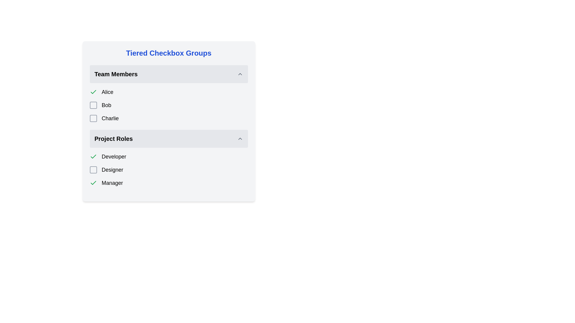  Describe the element at coordinates (93, 183) in the screenshot. I see `the status represented by the checkmark icon indicating the selection status of the 'Manager' role in the 'Project Roles' section` at that location.